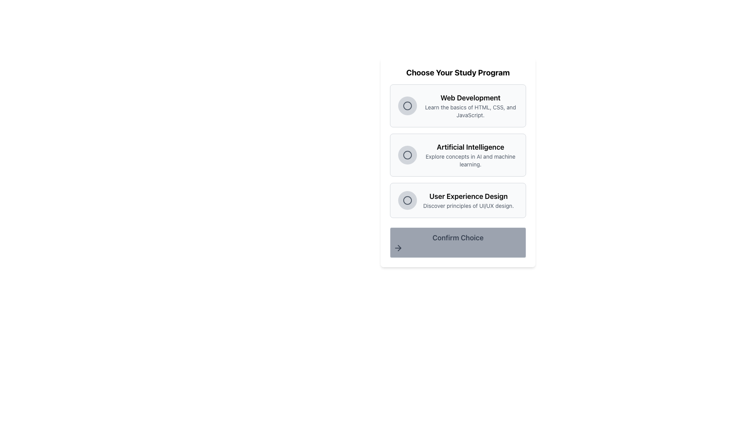 The height and width of the screenshot is (422, 751). I want to click on the highlighted option 'Artificial Intelligence' in the list of selectable items beneath the title 'Choose Your Study Program', so click(458, 151).